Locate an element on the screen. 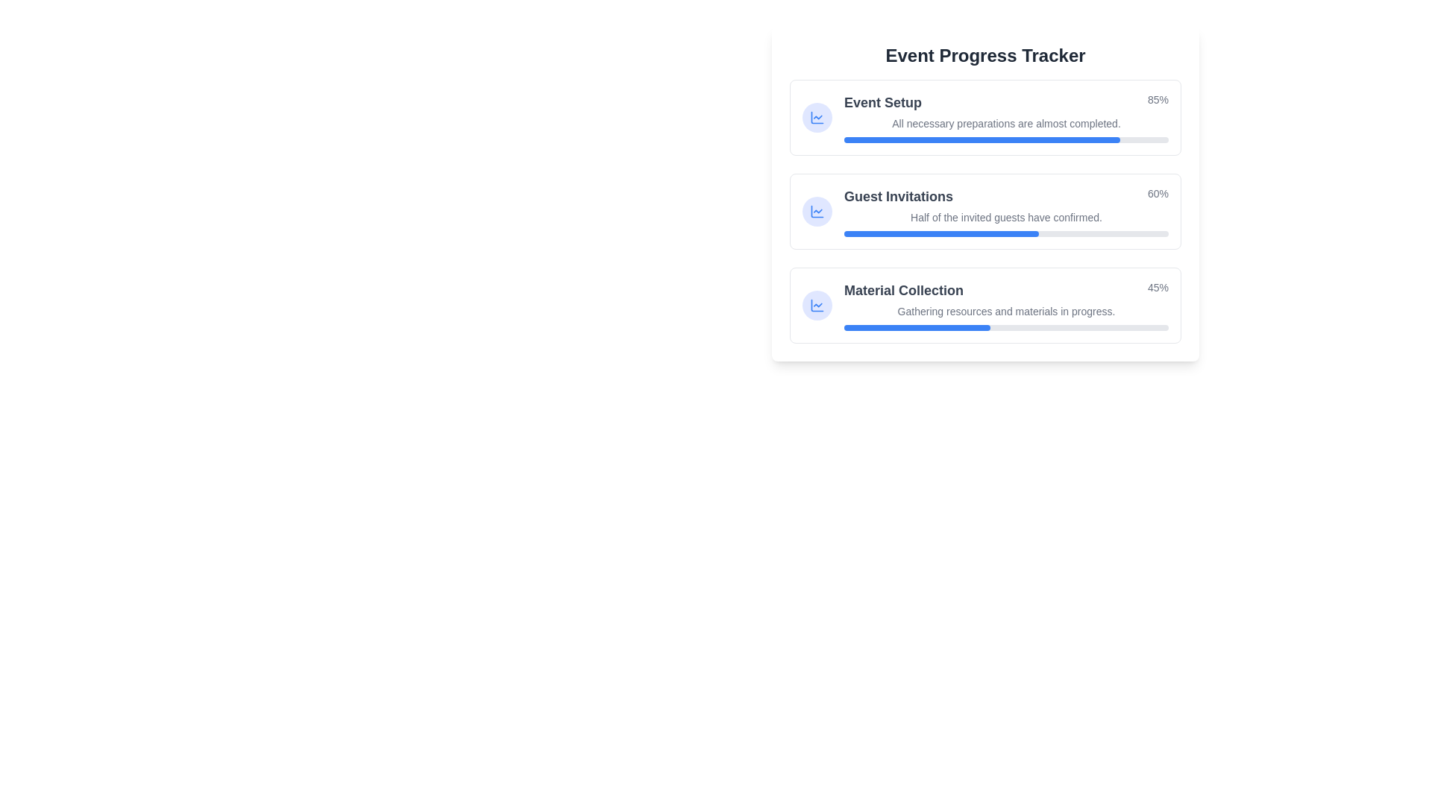  the icon located in the 'Event Setup' section of the progress tracker interface, adjacent to the title 'Event Setup' is located at coordinates (816, 117).